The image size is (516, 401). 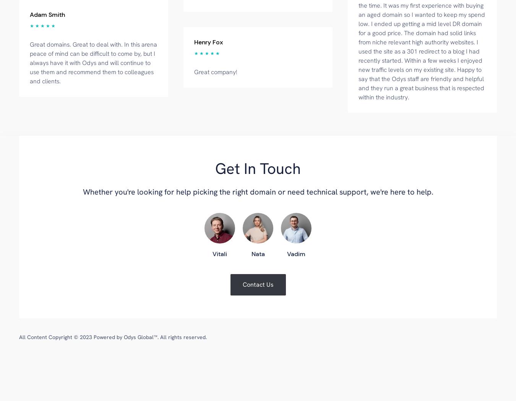 I want to click on 'Whether you're looking for help picking the right domain or need technical support, we're here to help.', so click(x=83, y=191).